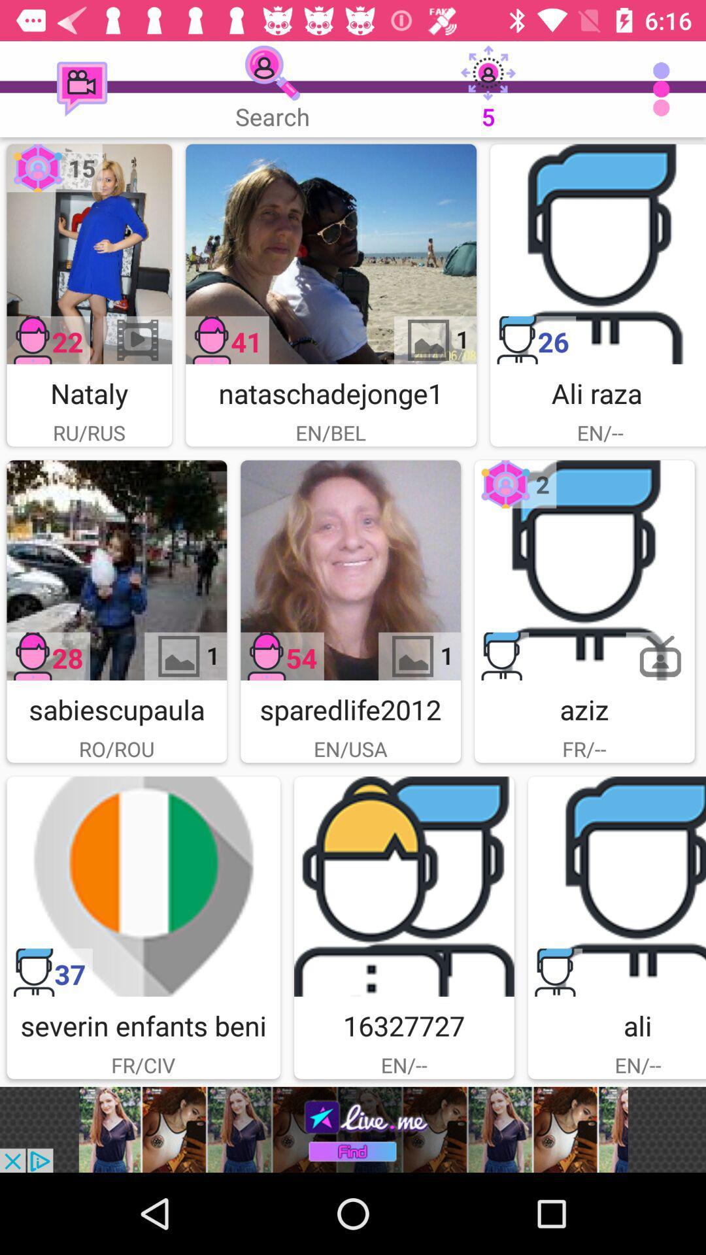 The height and width of the screenshot is (1255, 706). I want to click on advertisement, so click(143, 886).